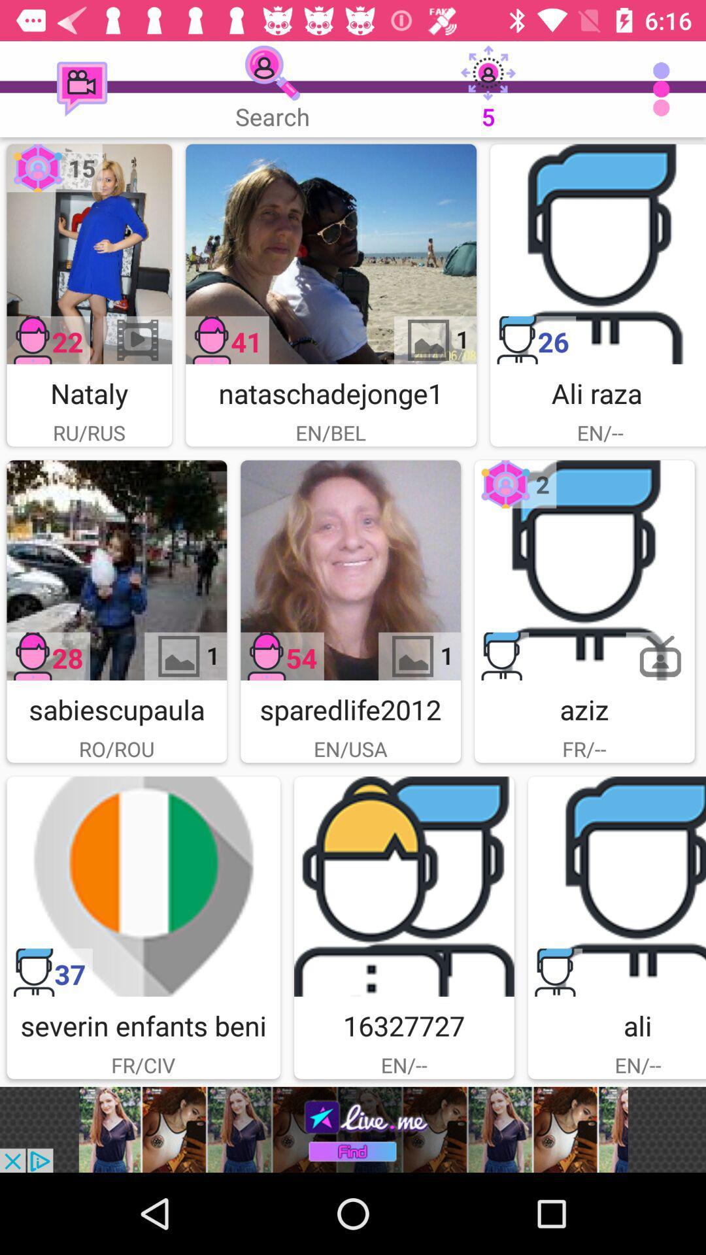 The height and width of the screenshot is (1255, 706). I want to click on advertisement, so click(143, 886).